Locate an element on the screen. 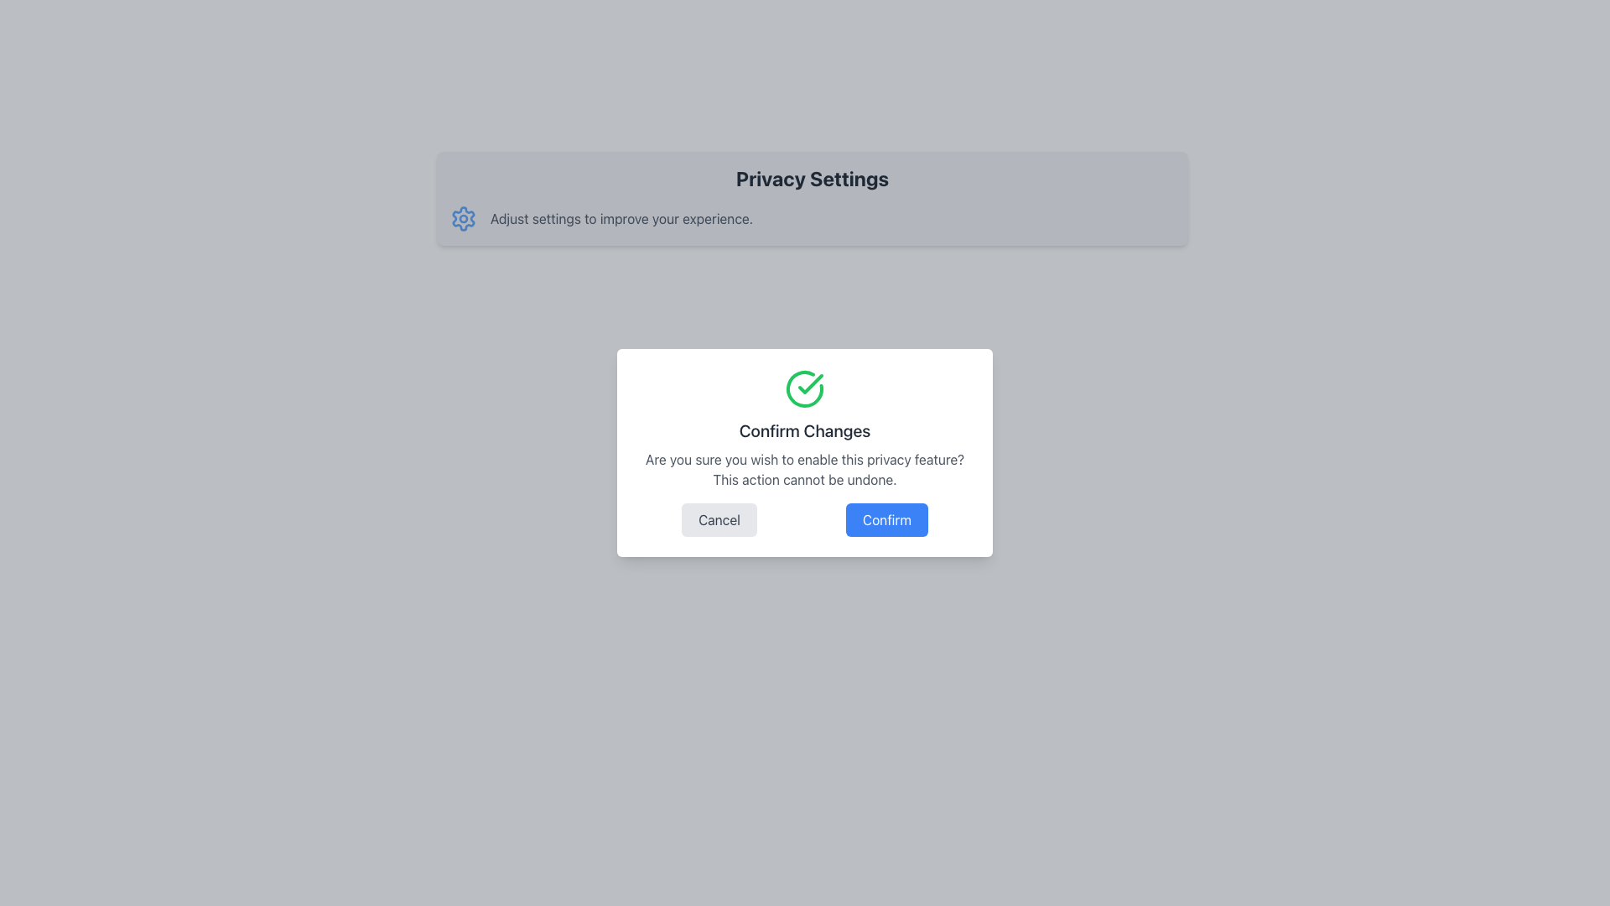 Image resolution: width=1610 pixels, height=906 pixels. the graphical icon that signifies confirmation, which is centrally positioned above the 'Confirm Changes' text within the confirmation dialog box is located at coordinates (810, 384).